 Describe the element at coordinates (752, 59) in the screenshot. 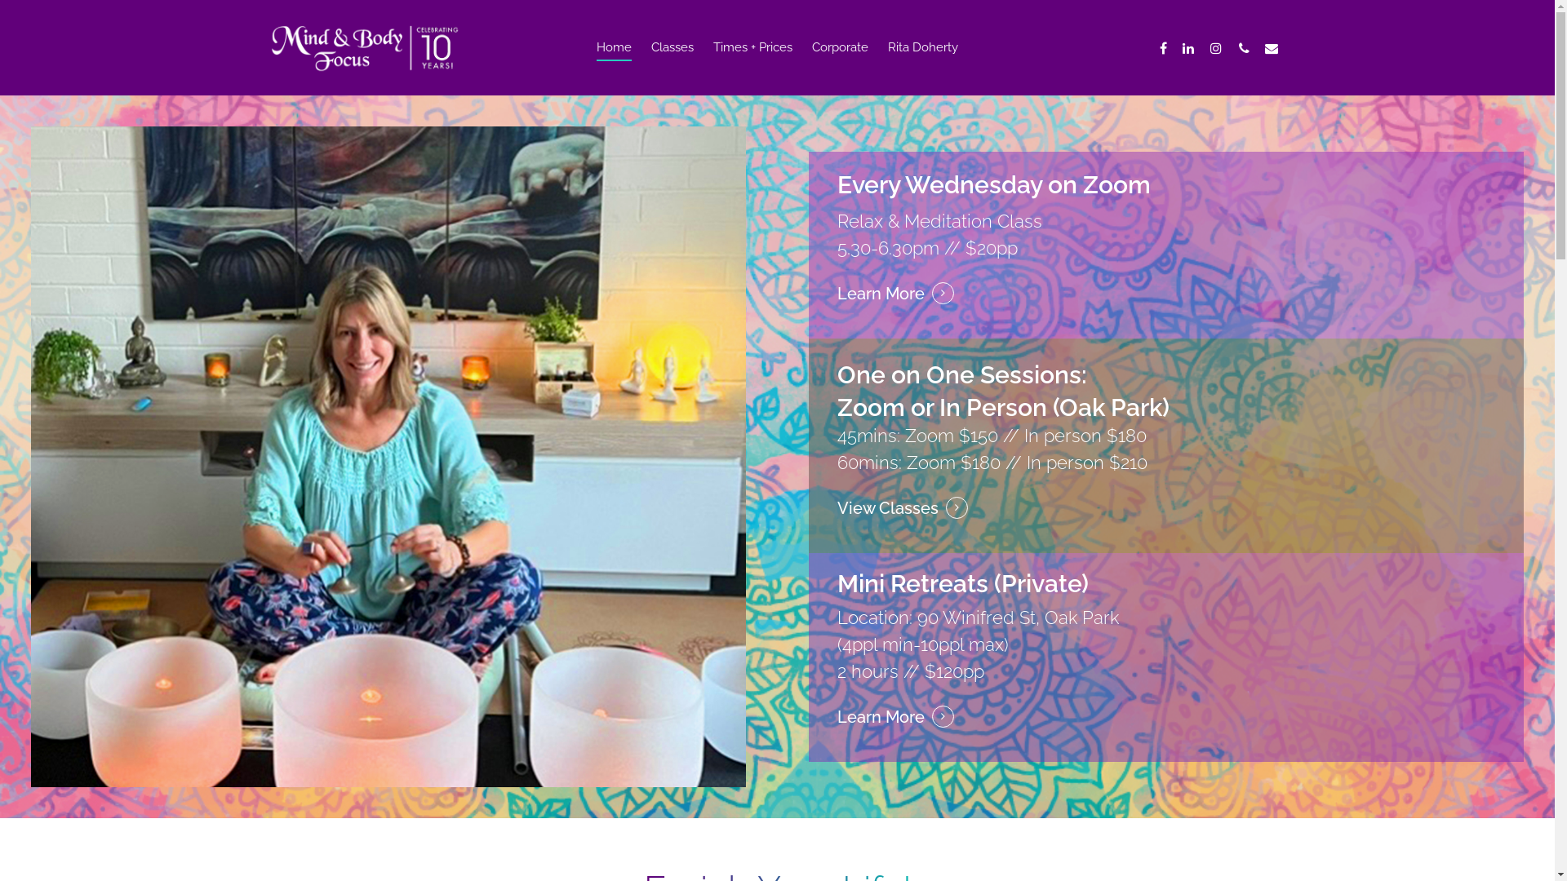

I see `'Times + Prices'` at that location.